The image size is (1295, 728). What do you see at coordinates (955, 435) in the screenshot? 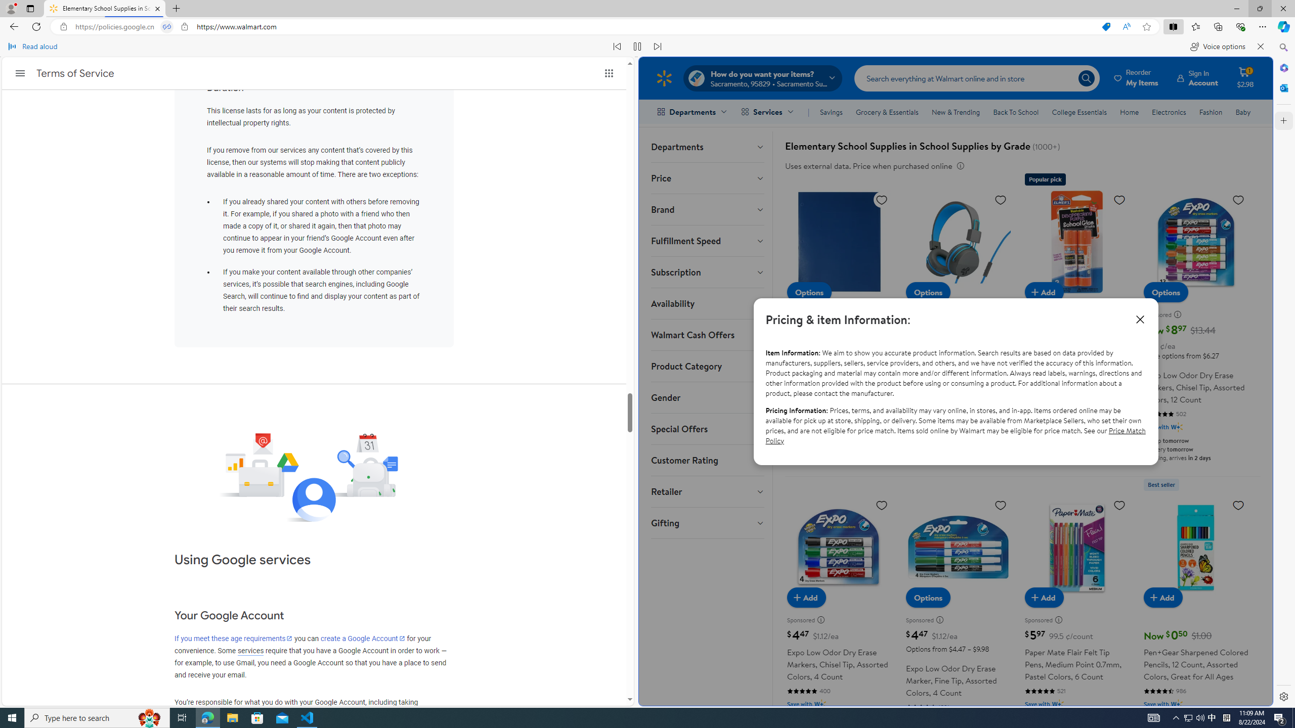
I see `'Price Match Policy'` at bounding box center [955, 435].